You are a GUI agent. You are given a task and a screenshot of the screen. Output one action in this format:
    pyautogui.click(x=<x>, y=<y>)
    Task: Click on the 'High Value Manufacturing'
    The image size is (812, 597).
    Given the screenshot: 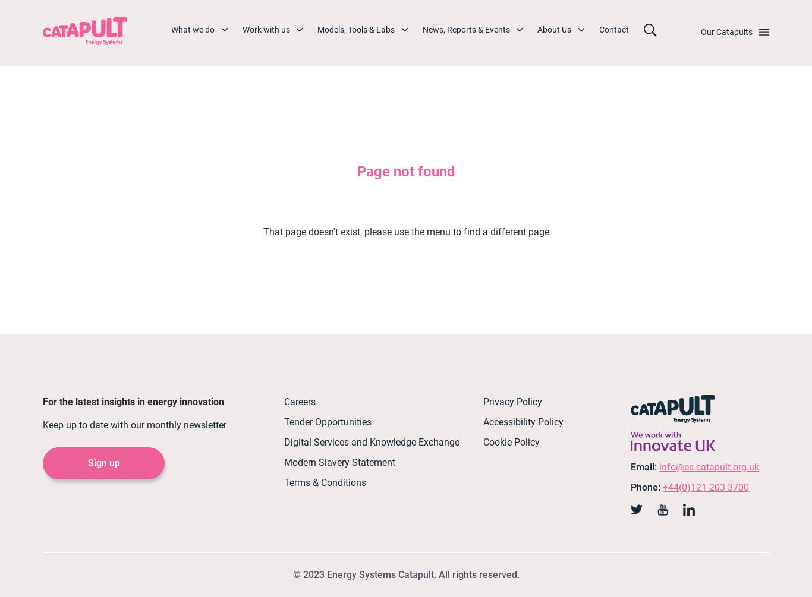 What is the action you would take?
    pyautogui.click(x=362, y=315)
    